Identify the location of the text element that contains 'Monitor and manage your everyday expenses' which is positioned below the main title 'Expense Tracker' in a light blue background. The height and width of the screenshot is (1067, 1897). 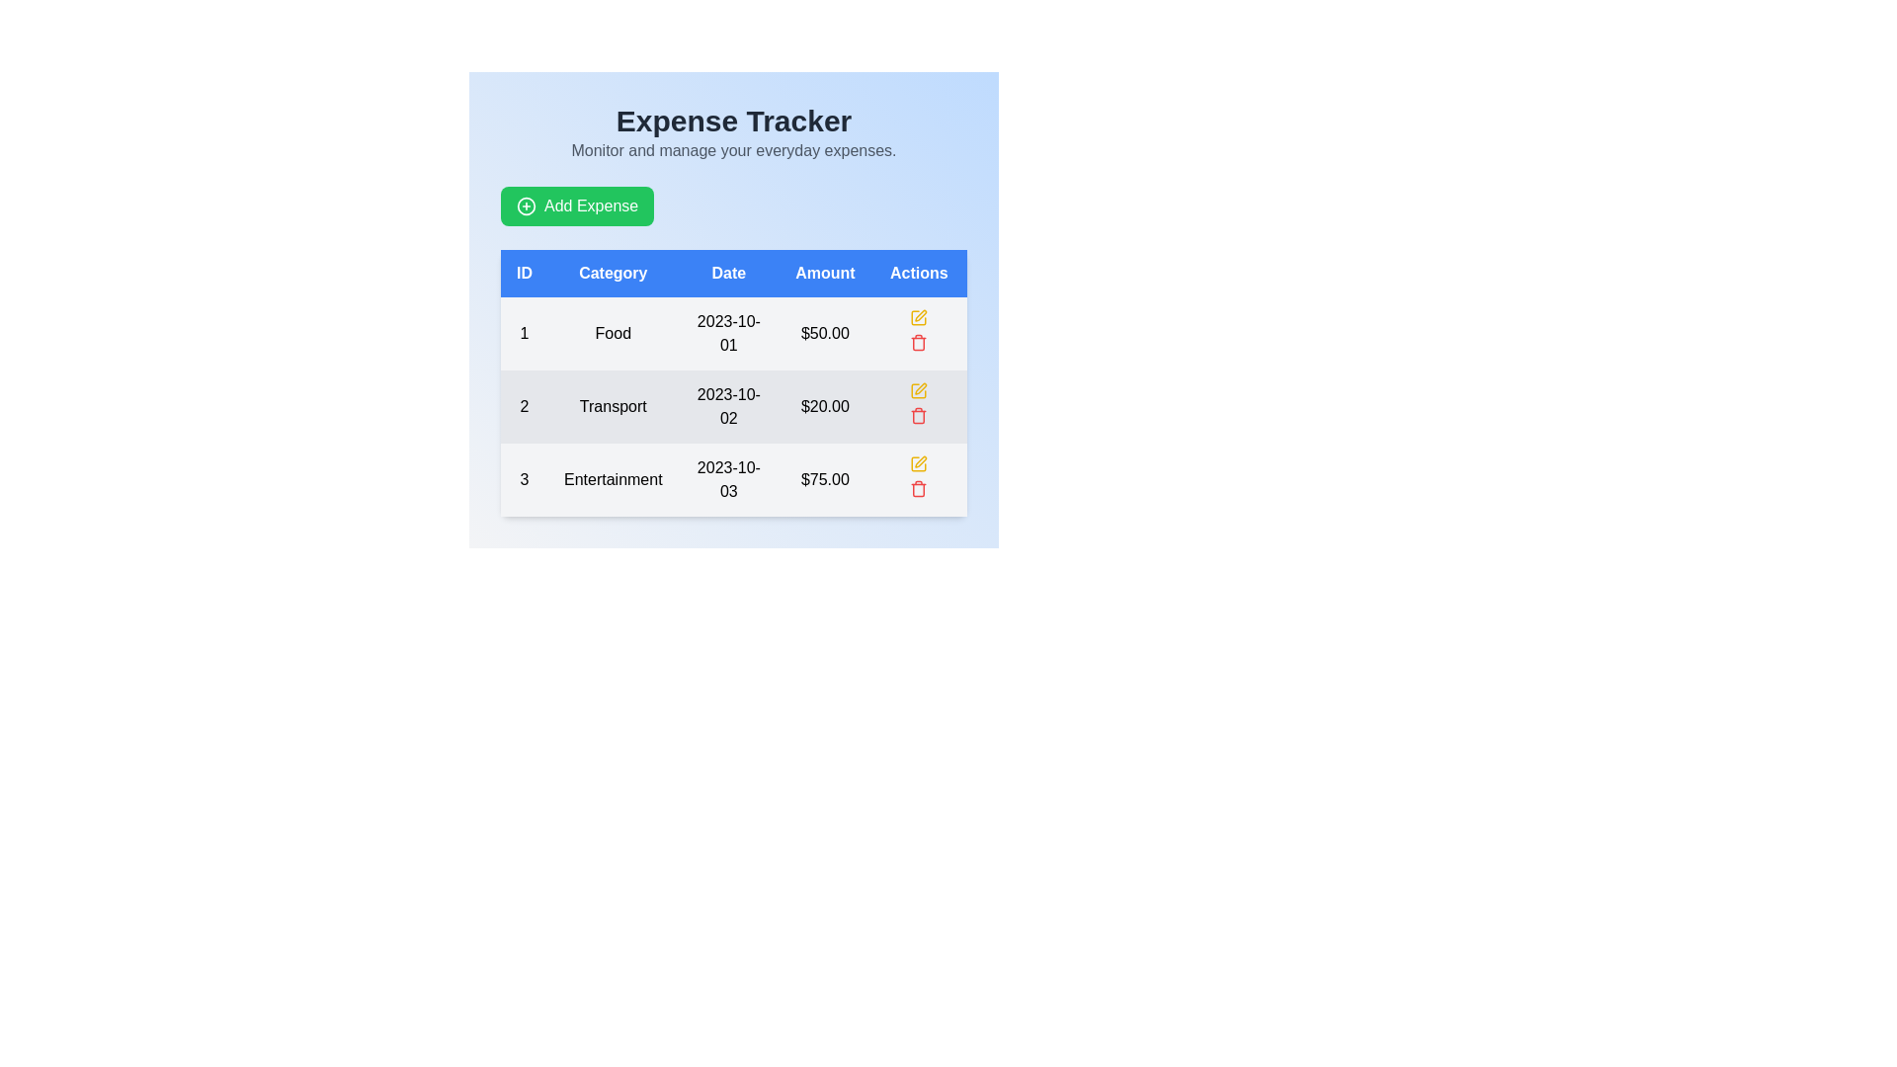
(733, 150).